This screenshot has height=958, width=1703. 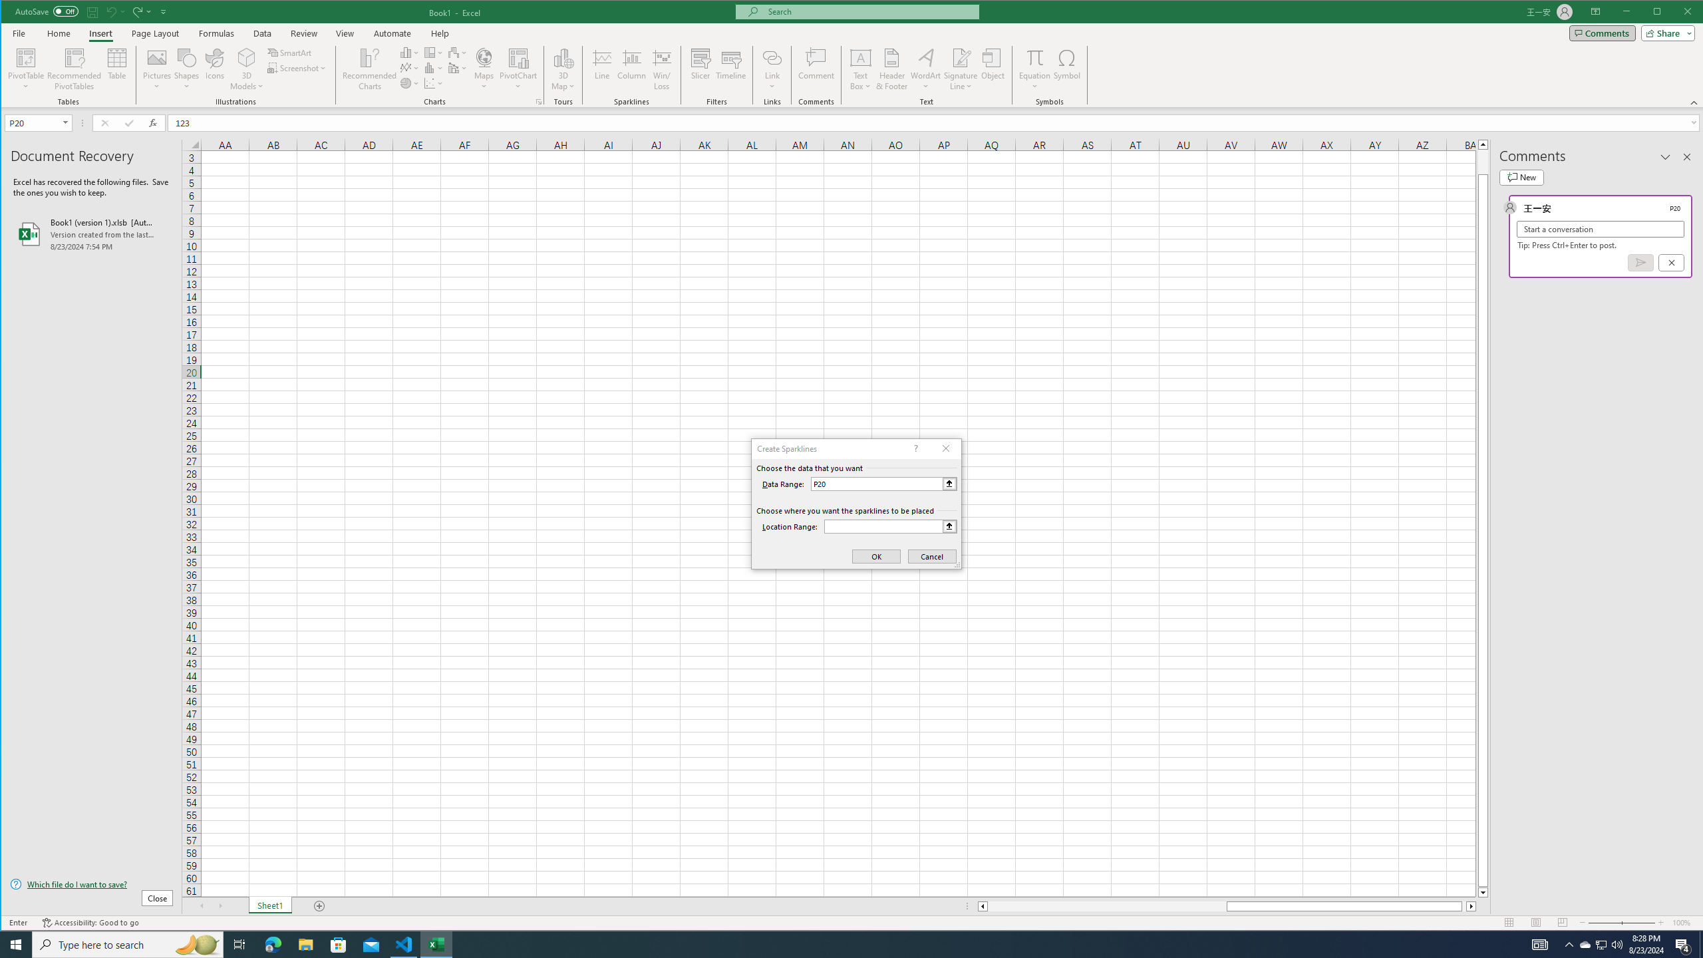 I want to click on 'Win/Loss', so click(x=661, y=69).